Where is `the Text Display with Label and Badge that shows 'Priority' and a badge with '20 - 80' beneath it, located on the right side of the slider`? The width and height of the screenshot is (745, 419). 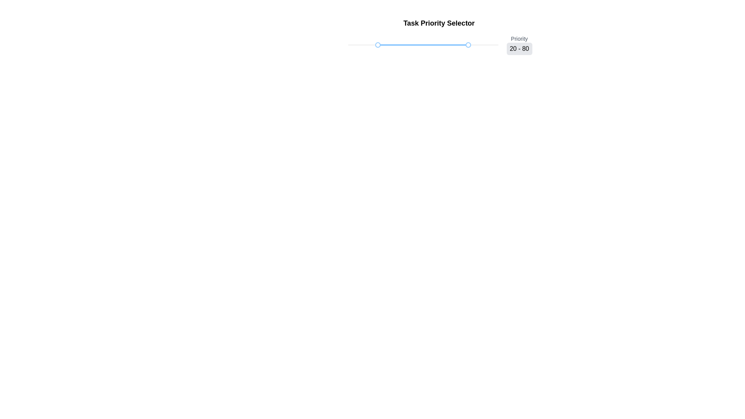 the Text Display with Label and Badge that shows 'Priority' and a badge with '20 - 80' beneath it, located on the right side of the slider is located at coordinates (519, 45).